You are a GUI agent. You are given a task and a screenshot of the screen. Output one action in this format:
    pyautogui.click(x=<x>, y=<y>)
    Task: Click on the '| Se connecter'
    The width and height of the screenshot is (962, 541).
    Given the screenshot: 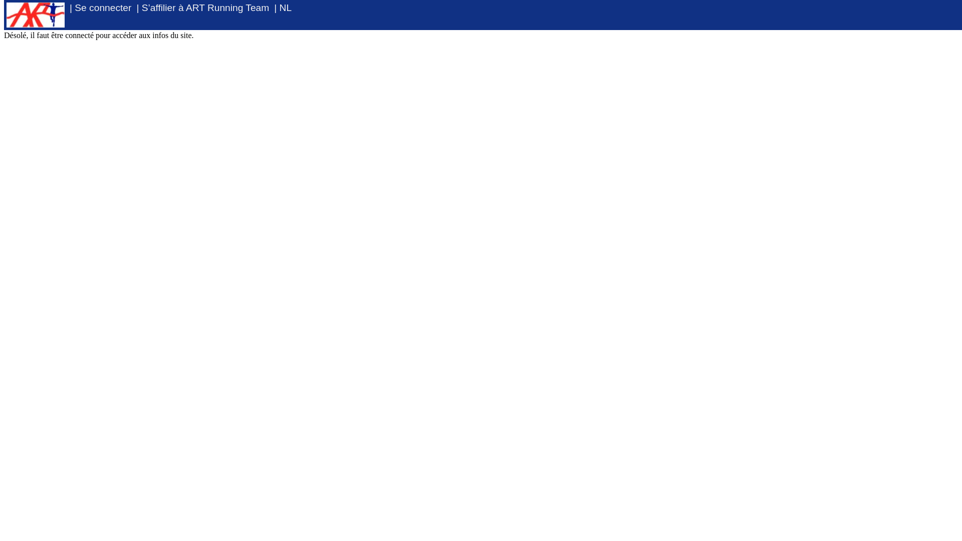 What is the action you would take?
    pyautogui.click(x=100, y=8)
    